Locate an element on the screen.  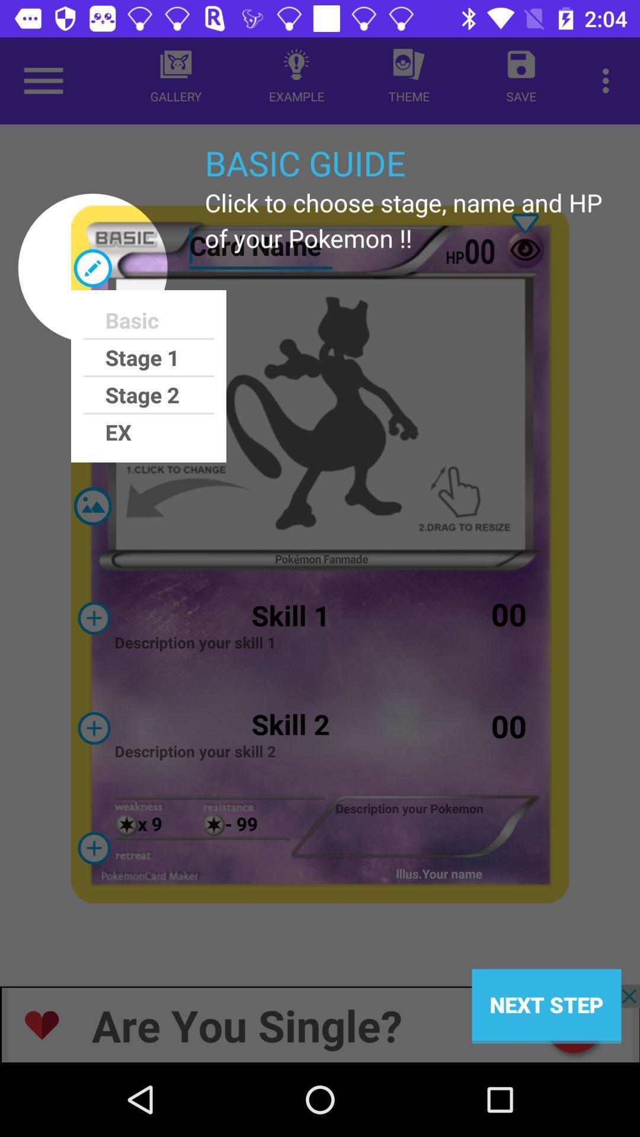
the edit icon is located at coordinates (92, 267).